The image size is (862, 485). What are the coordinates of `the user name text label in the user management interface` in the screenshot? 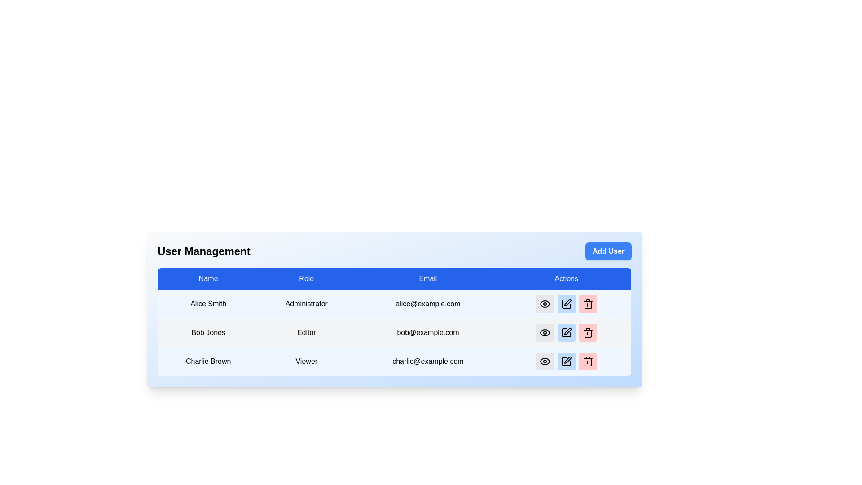 It's located at (207, 304).